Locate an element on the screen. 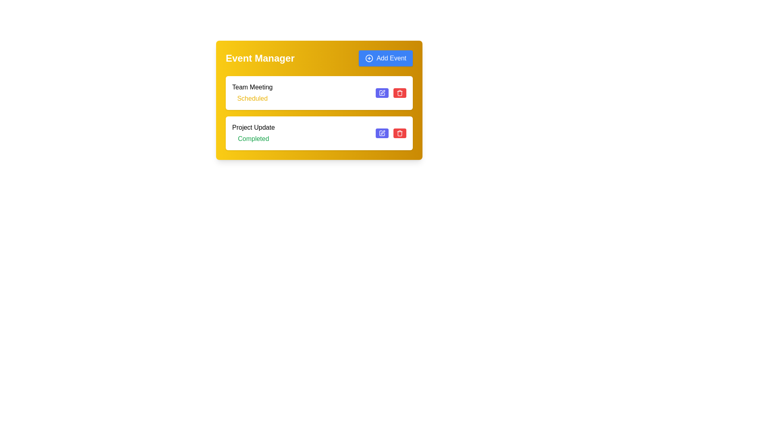 The height and width of the screenshot is (435, 774). the '+' icon within the 'Add Event' button, which is centrally aligned and enclosed within a border on a blue background is located at coordinates (369, 58).